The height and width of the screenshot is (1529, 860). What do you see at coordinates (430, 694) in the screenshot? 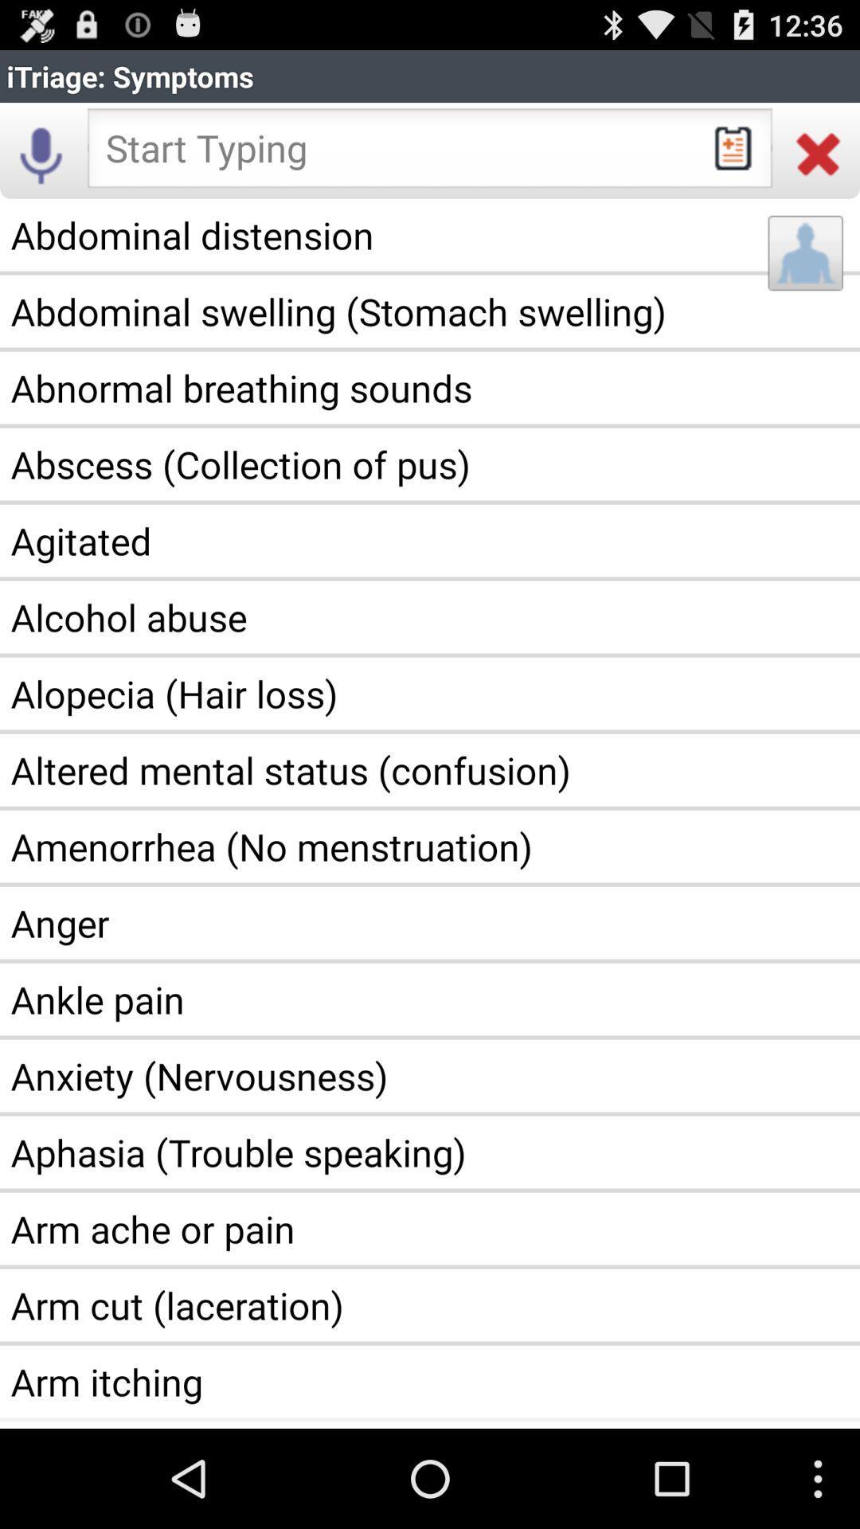
I see `the item below the alcohol abuse item` at bounding box center [430, 694].